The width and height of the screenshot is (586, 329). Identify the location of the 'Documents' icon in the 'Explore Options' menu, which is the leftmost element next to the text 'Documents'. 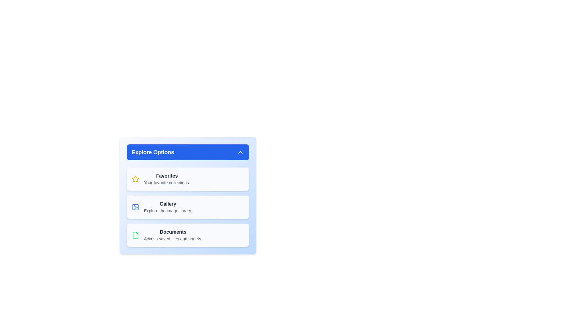
(135, 235).